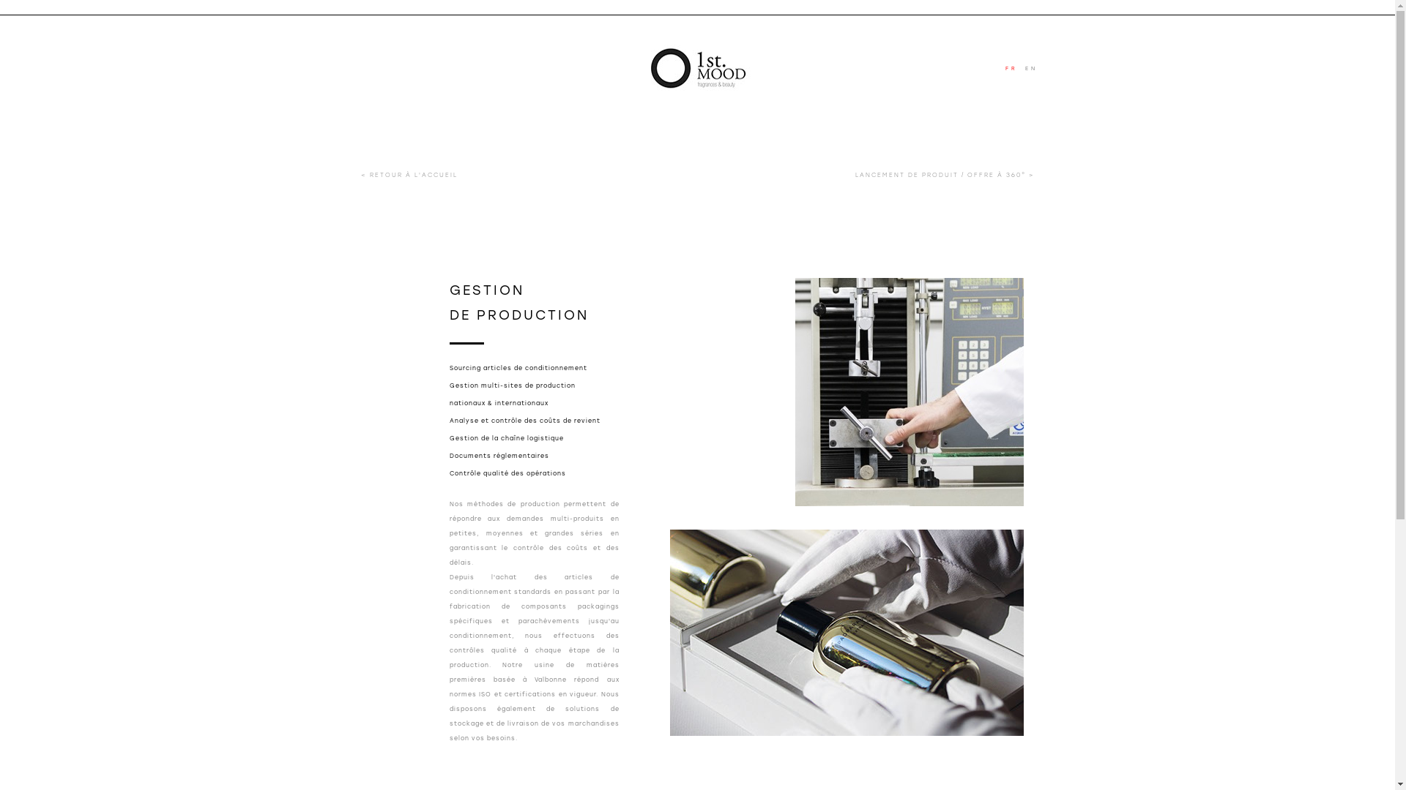 The height and width of the screenshot is (790, 1406). What do you see at coordinates (1033, 68) in the screenshot?
I see `'EN'` at bounding box center [1033, 68].